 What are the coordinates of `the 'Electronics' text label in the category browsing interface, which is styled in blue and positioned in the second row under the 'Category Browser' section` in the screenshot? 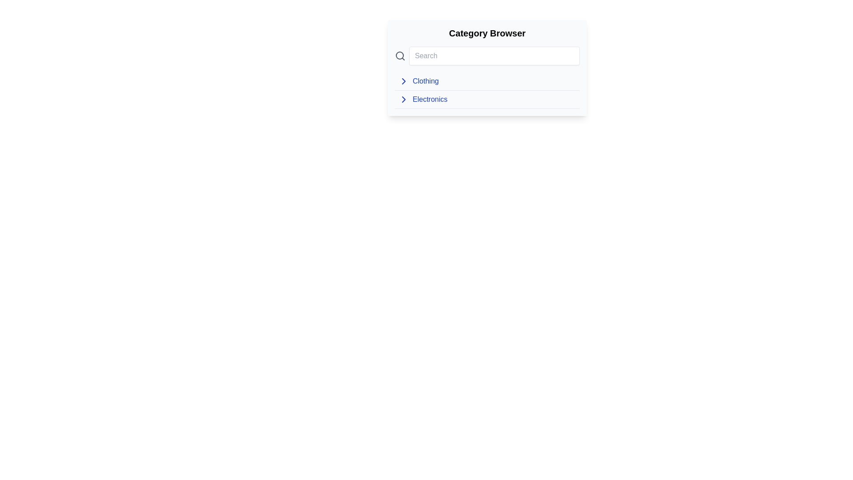 It's located at (430, 99).